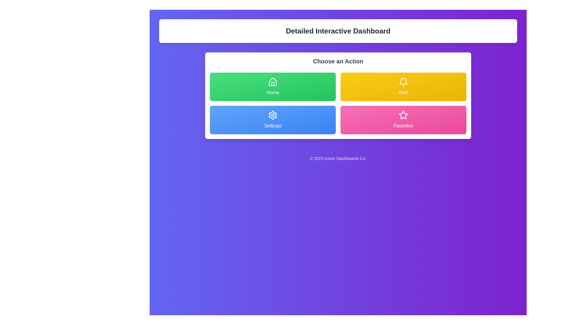  I want to click on the 'Favorites' button located at the bottom-right of the primary action buttons in the interactive dashboard, so click(403, 115).